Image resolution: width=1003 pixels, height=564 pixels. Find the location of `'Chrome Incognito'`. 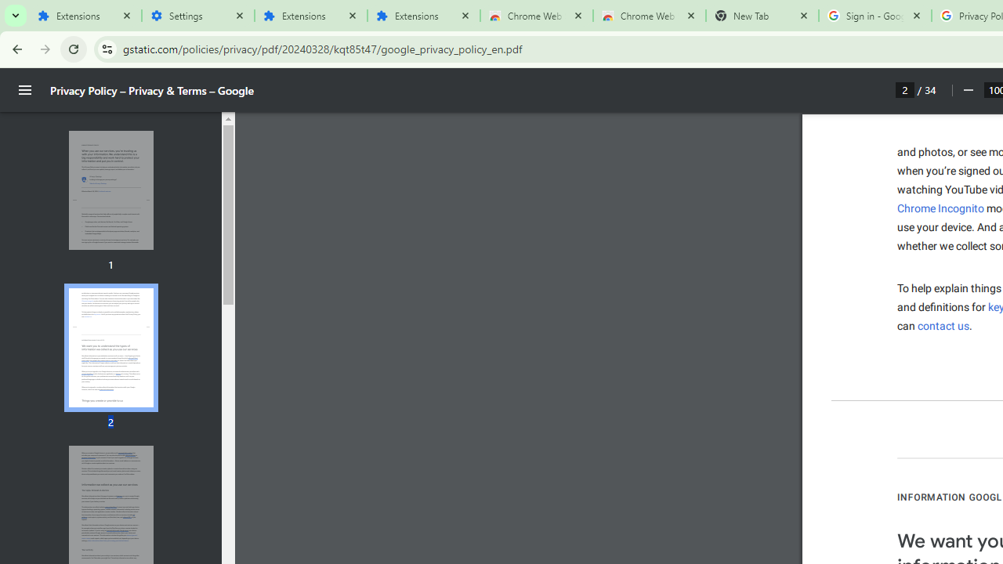

'Chrome Incognito' is located at coordinates (940, 208).